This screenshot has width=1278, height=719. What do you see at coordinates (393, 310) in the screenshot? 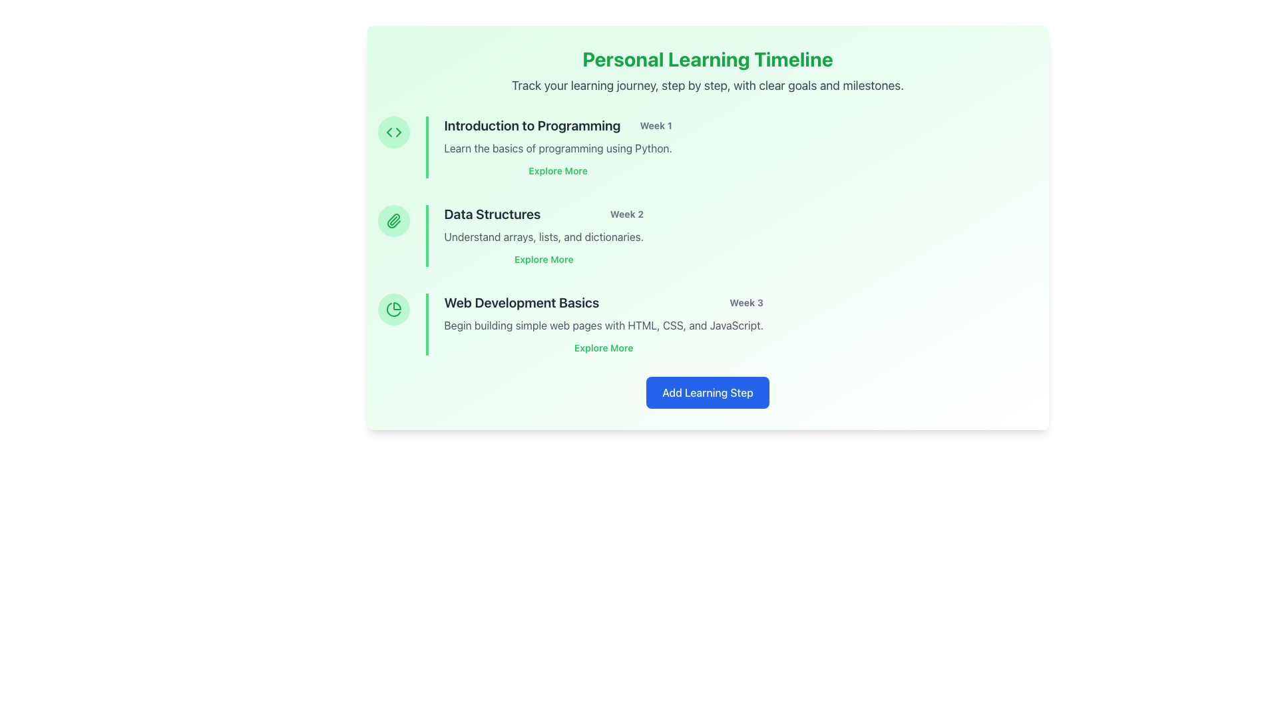
I see `the icon representing the 'Web Development Basics' section, located adjacent to its title and description` at bounding box center [393, 310].